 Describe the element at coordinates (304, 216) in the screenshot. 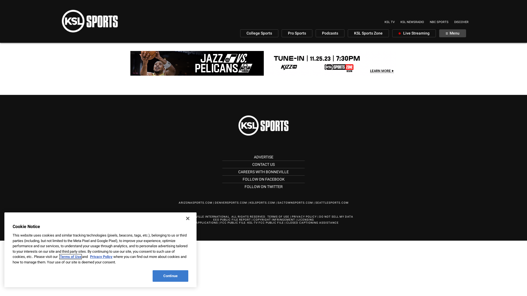

I see `'PRIVACY POLICY'` at that location.